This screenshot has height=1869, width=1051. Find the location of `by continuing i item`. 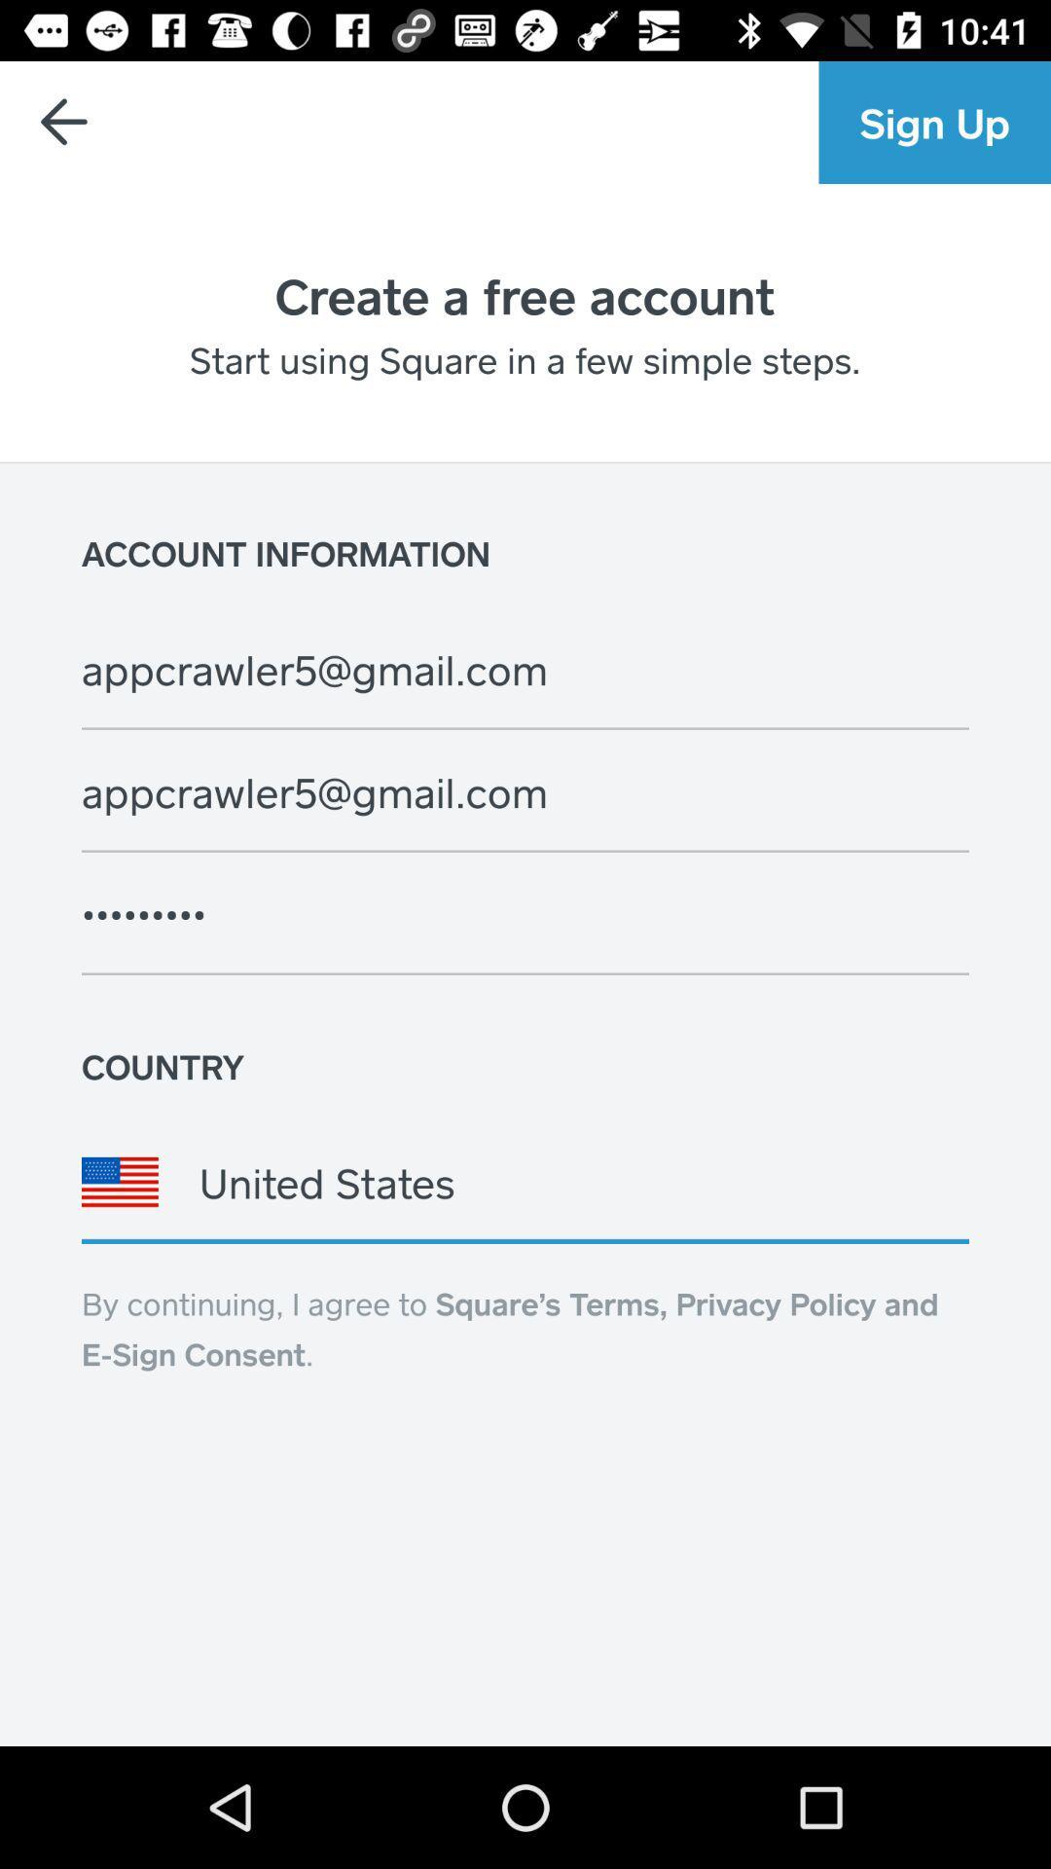

by continuing i item is located at coordinates (509, 1327).